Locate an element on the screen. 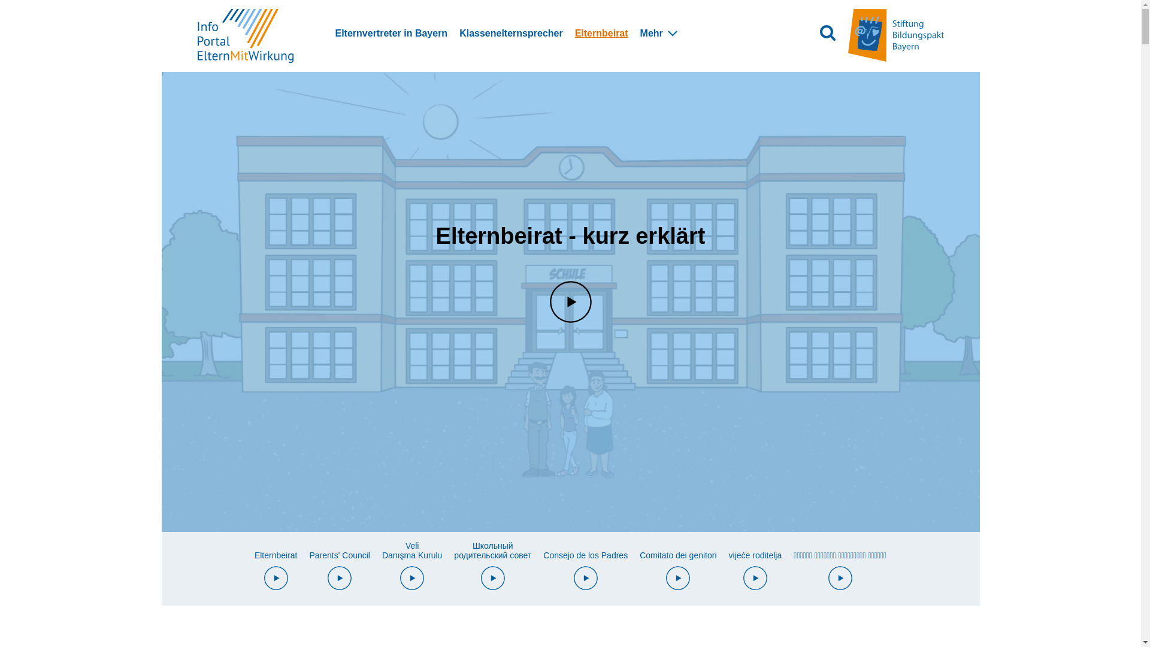 This screenshot has height=647, width=1150. 'Mehr' is located at coordinates (651, 33).